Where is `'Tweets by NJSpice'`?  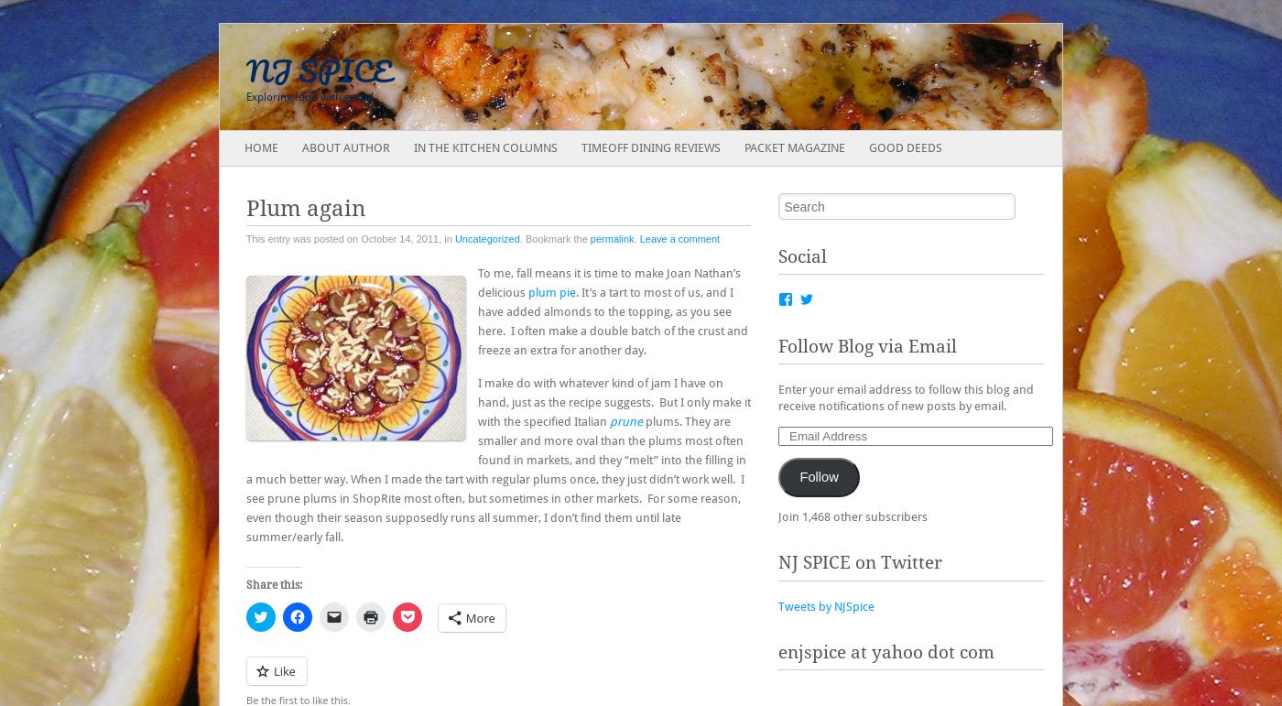
'Tweets by NJSpice' is located at coordinates (825, 605).